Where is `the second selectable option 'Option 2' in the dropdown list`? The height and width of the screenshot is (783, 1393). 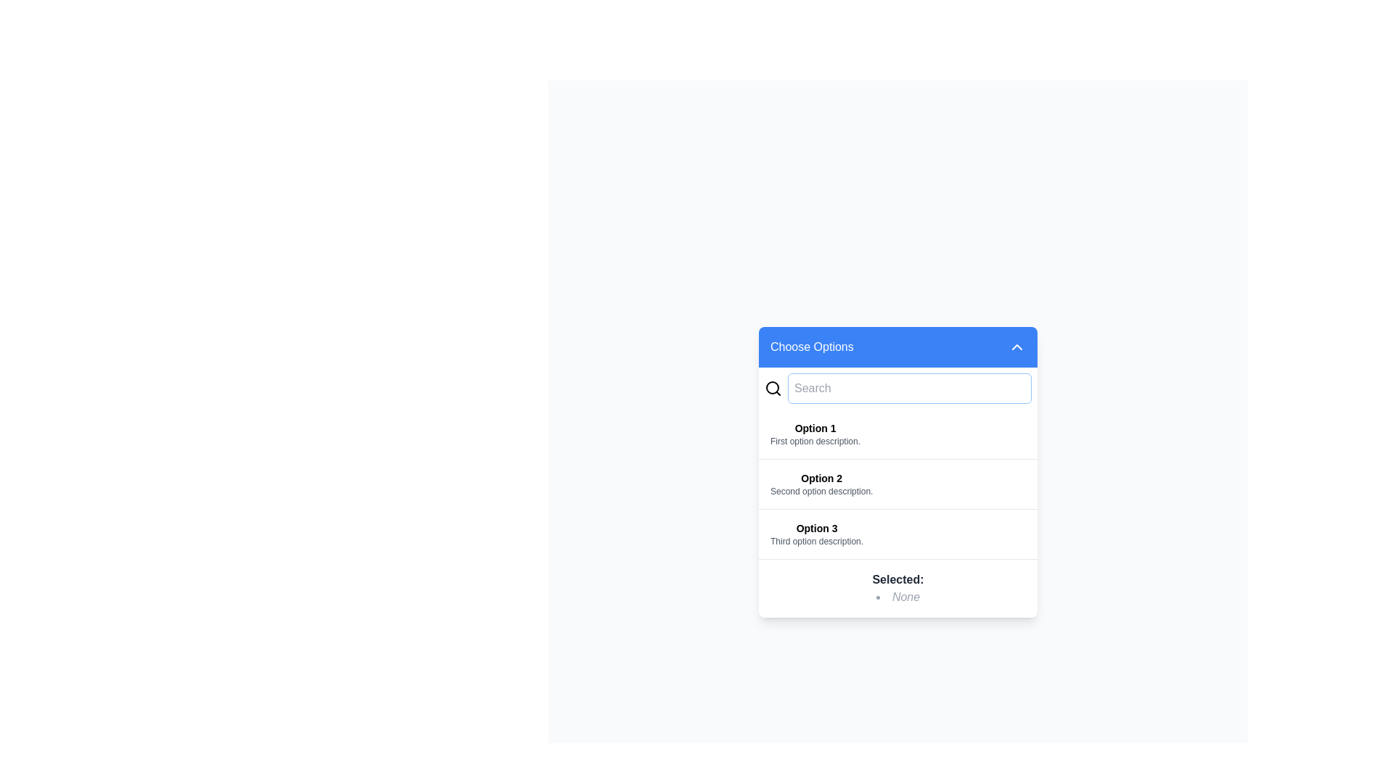 the second selectable option 'Option 2' in the dropdown list is located at coordinates (897, 484).